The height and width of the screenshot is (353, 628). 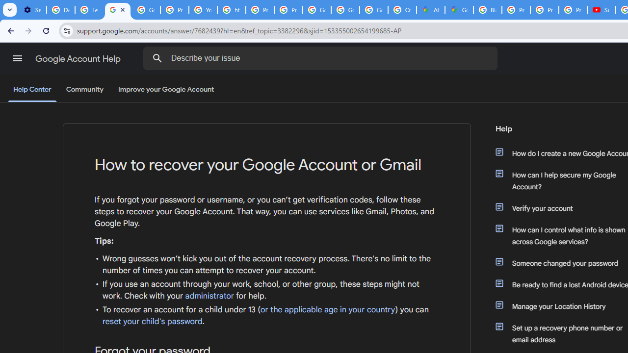 I want to click on 'Subscriptions - YouTube', so click(x=601, y=10).